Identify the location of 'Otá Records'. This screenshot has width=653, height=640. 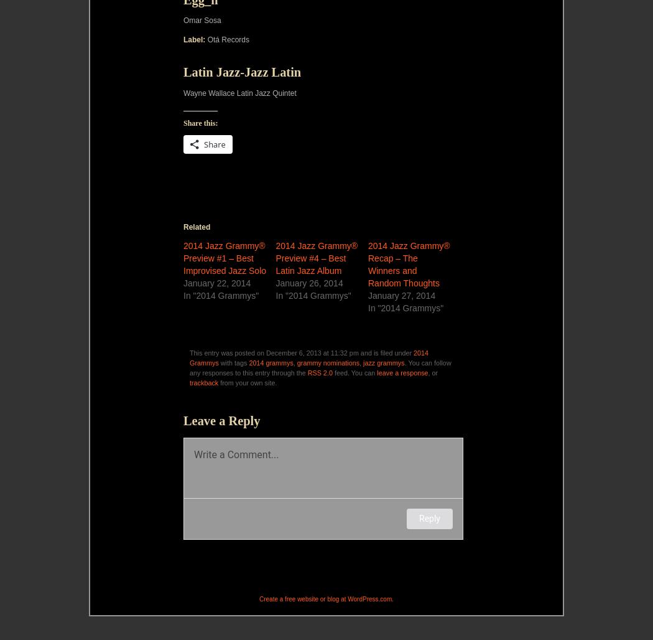
(205, 40).